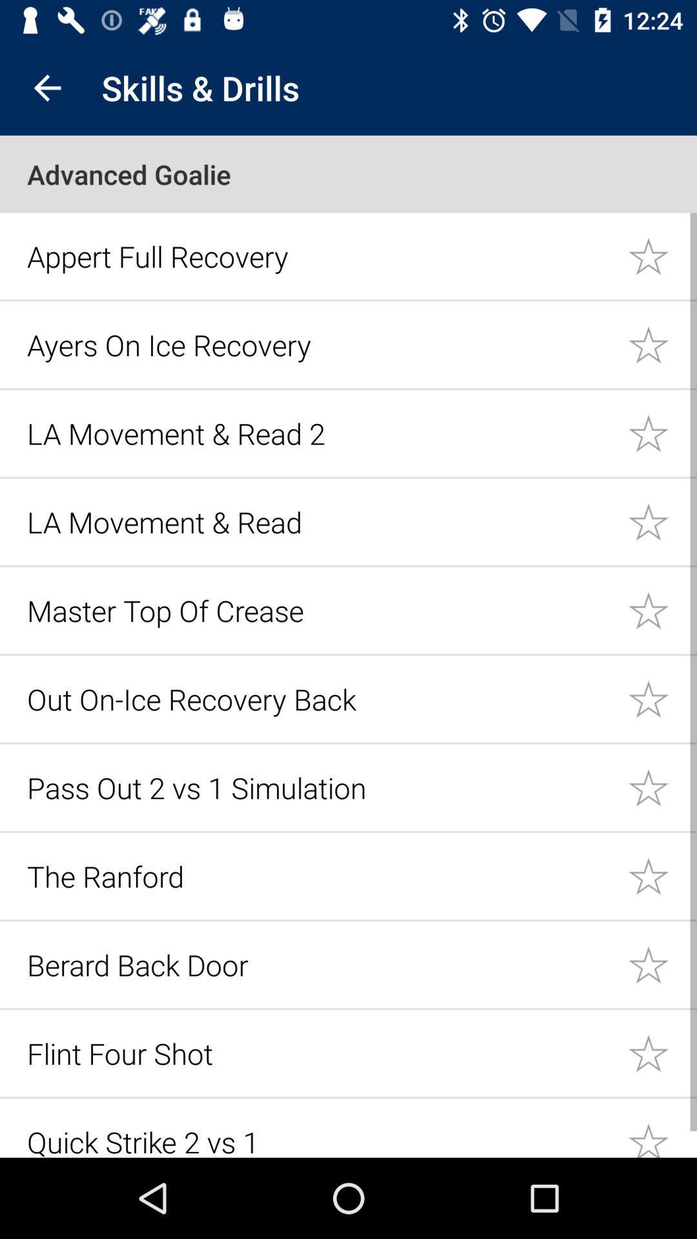  Describe the element at coordinates (662, 964) in the screenshot. I see `favorite` at that location.